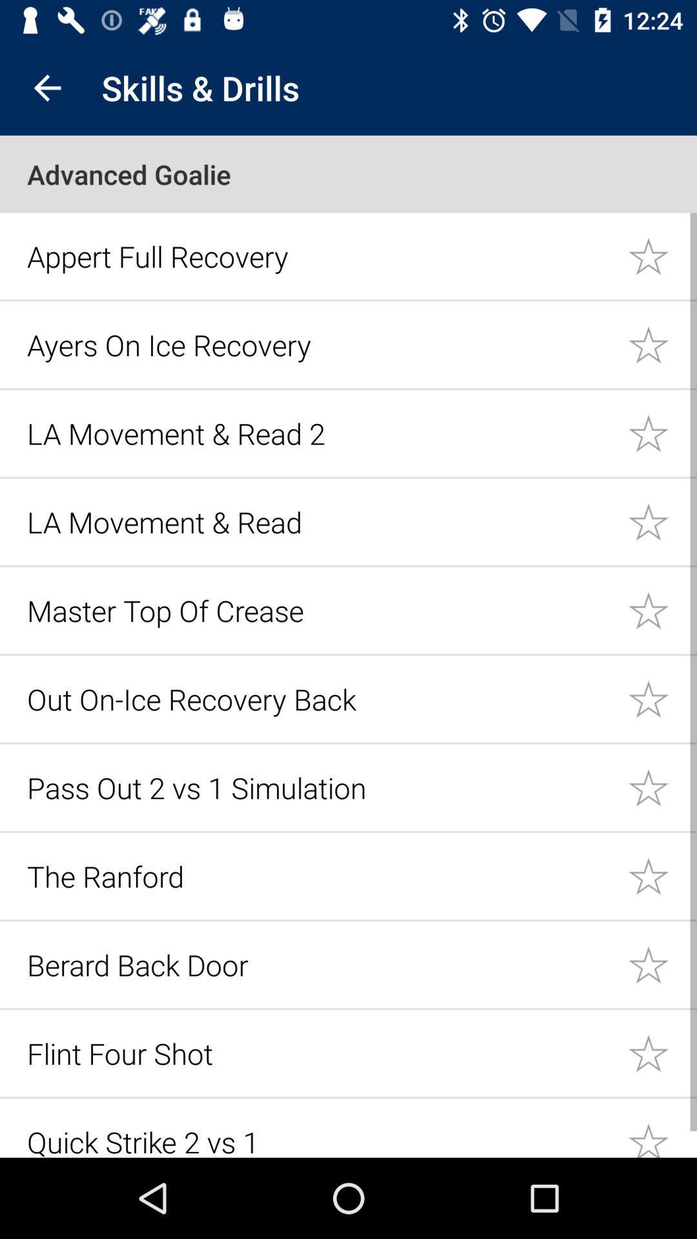  Describe the element at coordinates (662, 964) in the screenshot. I see `favorite` at that location.